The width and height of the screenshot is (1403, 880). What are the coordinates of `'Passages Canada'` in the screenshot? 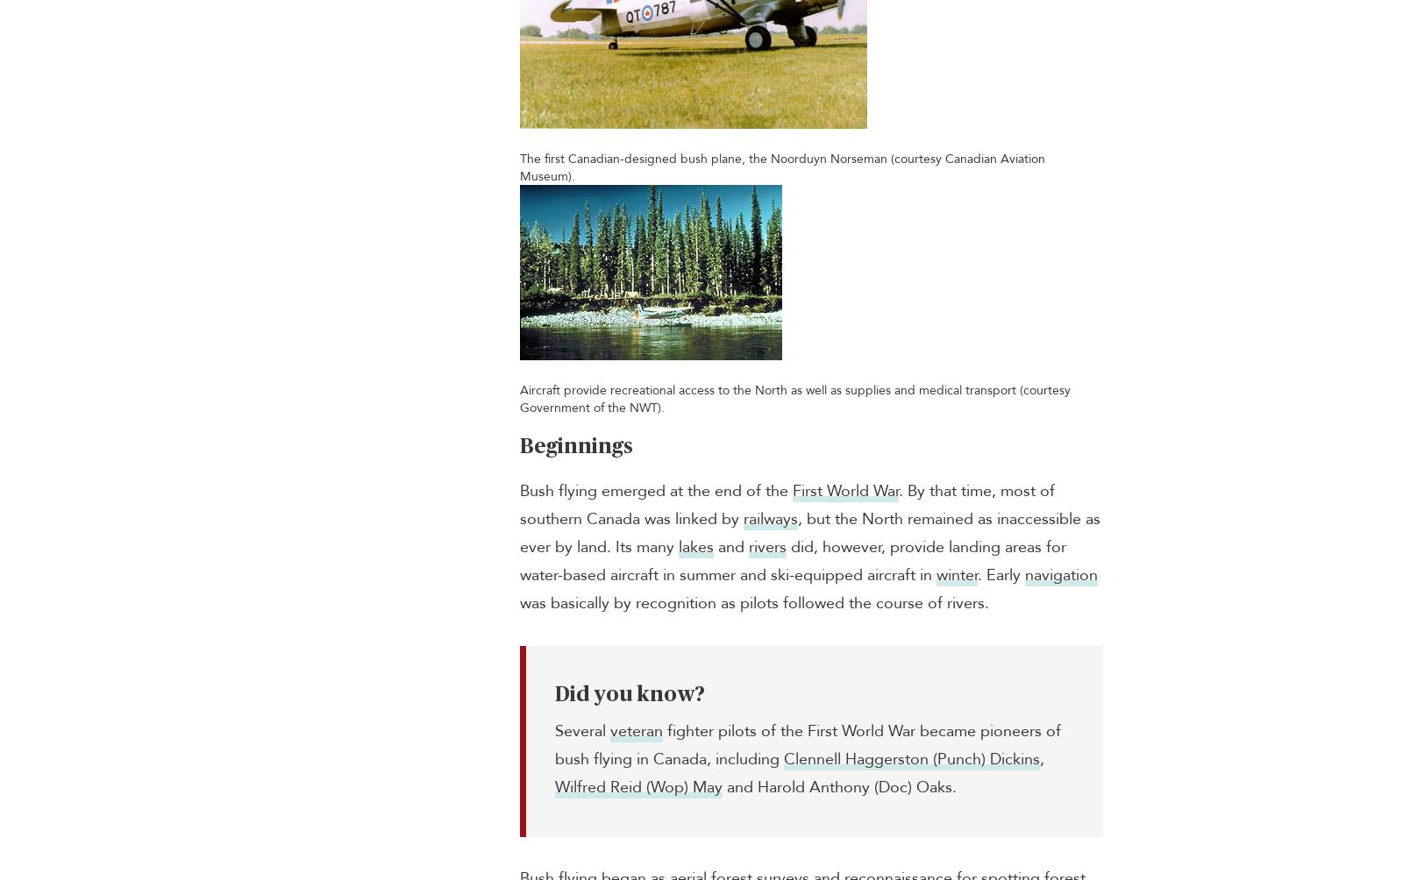 It's located at (1104, 805).